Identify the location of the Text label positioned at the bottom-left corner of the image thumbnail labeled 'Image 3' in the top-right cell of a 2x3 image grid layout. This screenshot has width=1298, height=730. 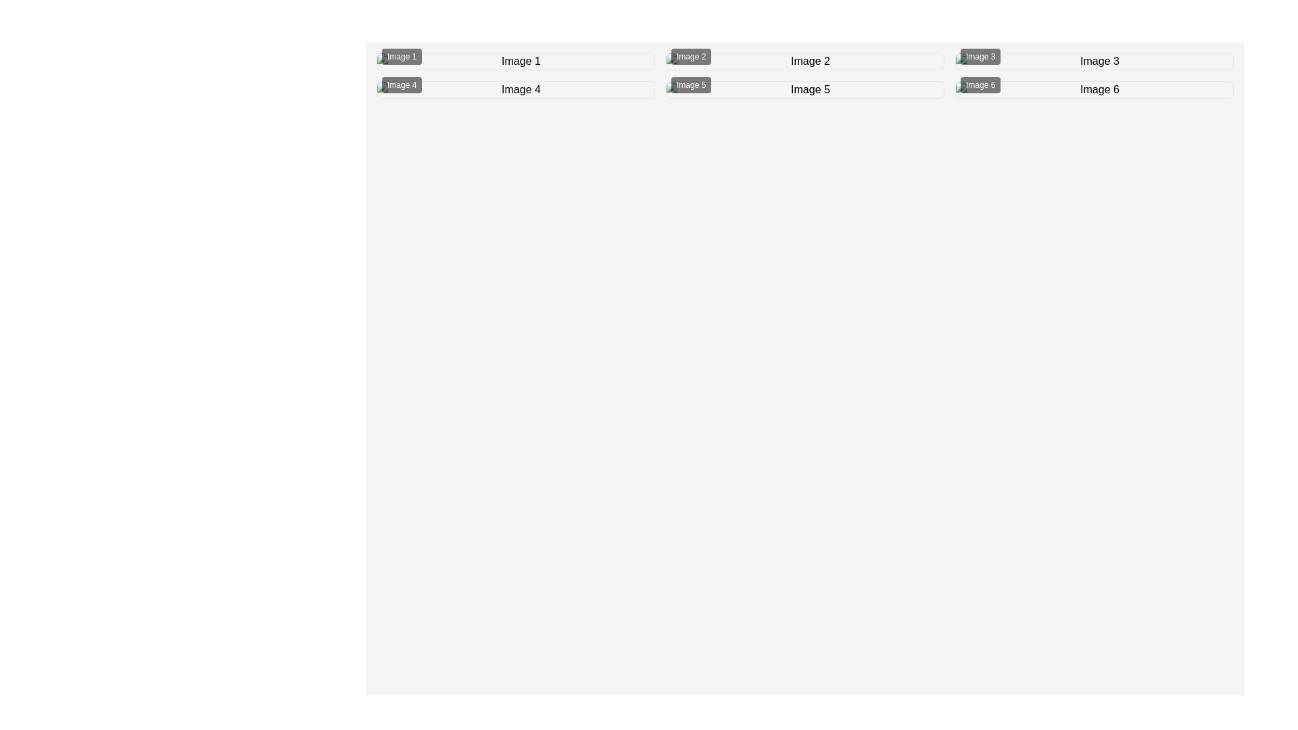
(980, 56).